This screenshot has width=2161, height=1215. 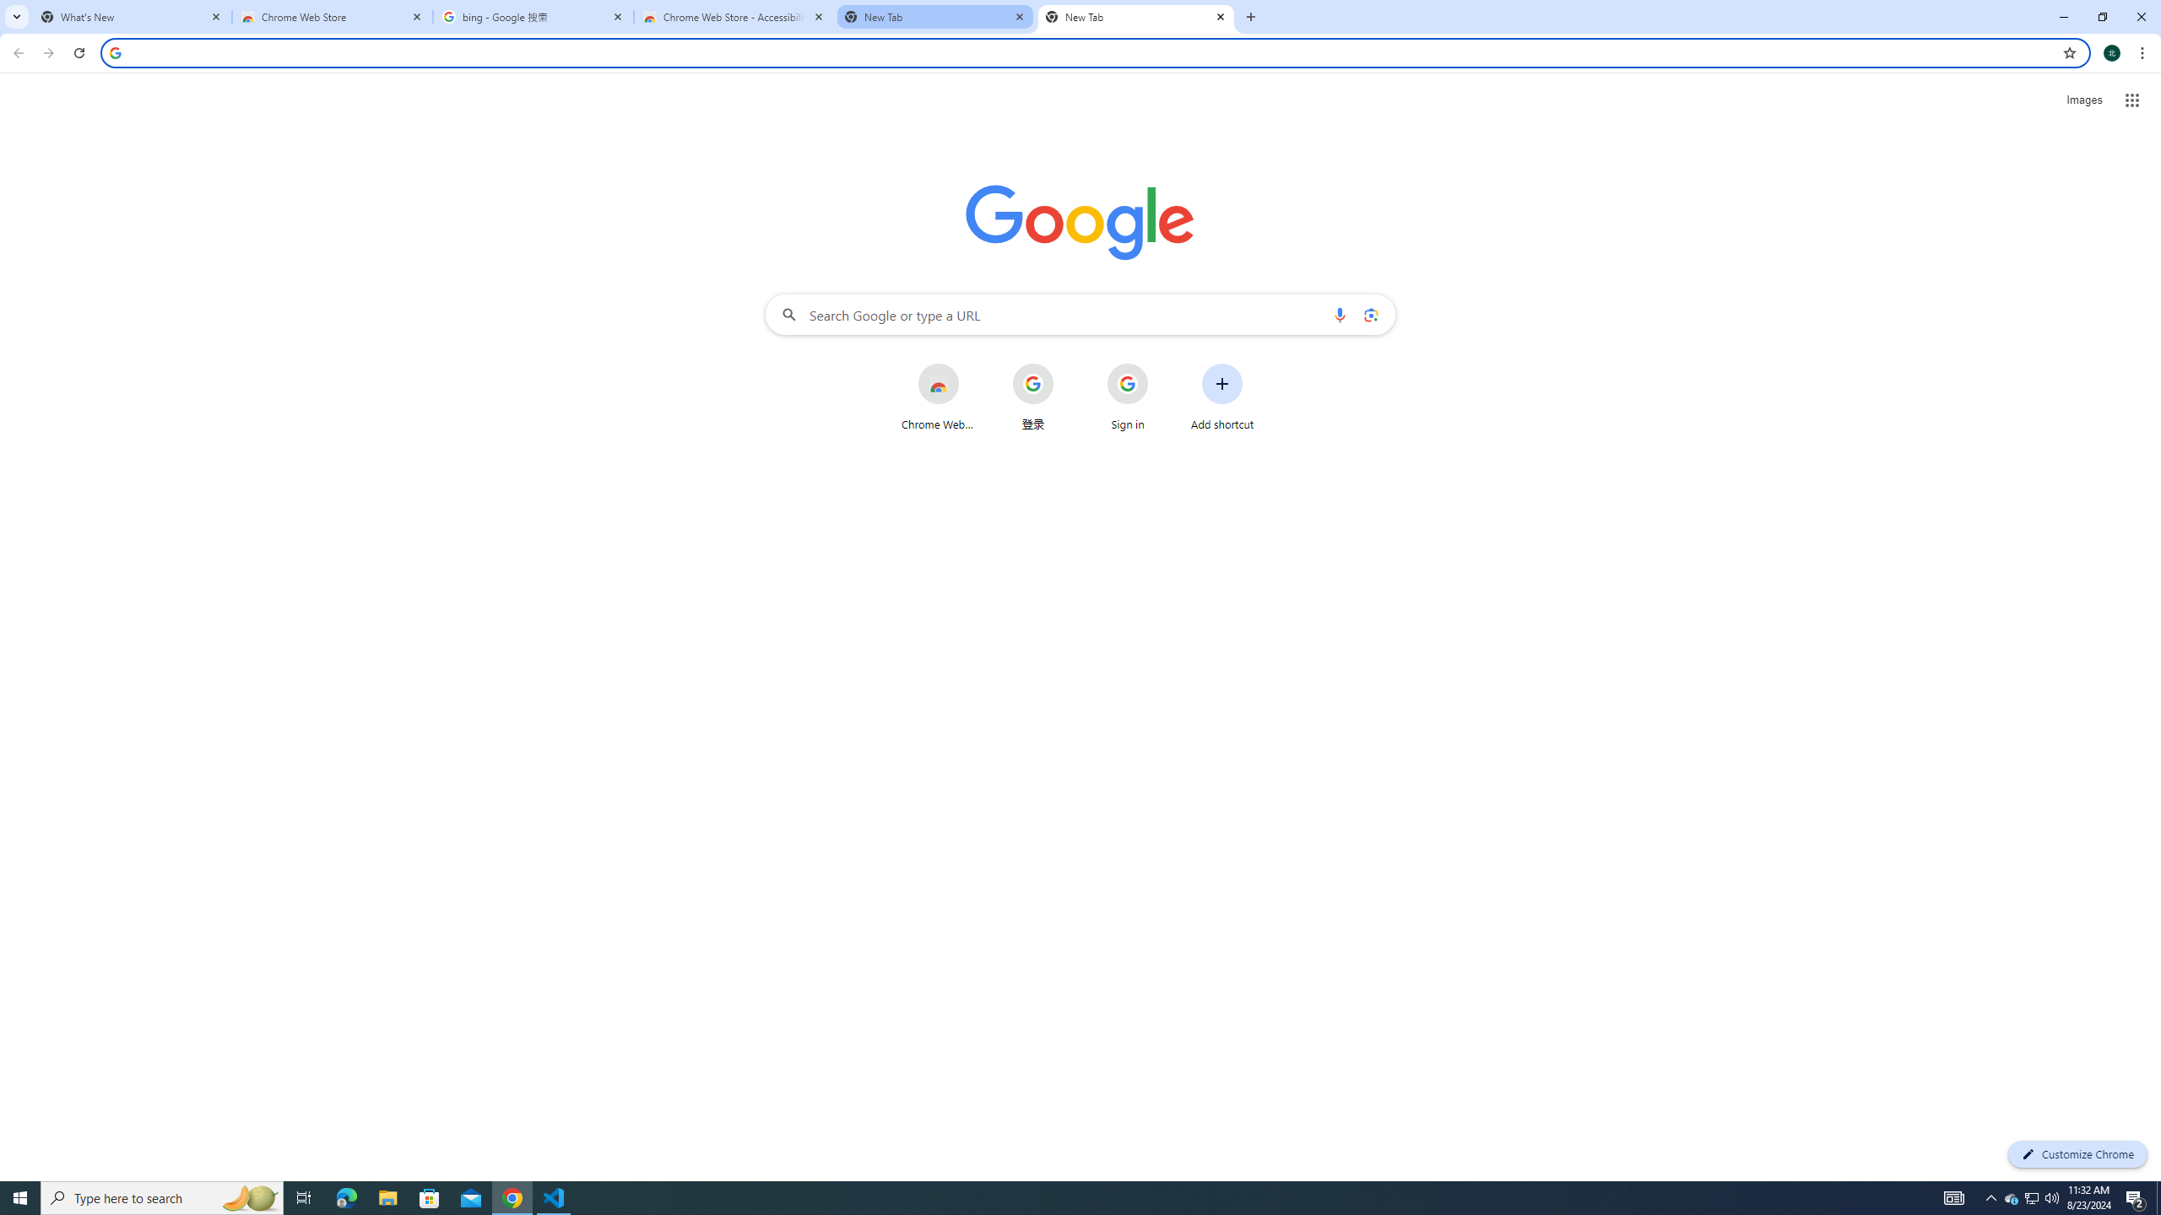 I want to click on 'Add shortcut', so click(x=1221, y=397).